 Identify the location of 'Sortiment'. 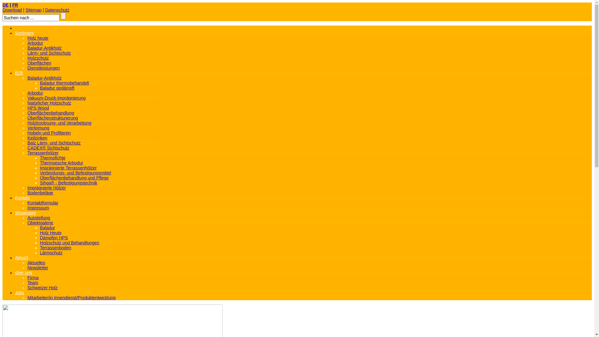
(24, 33).